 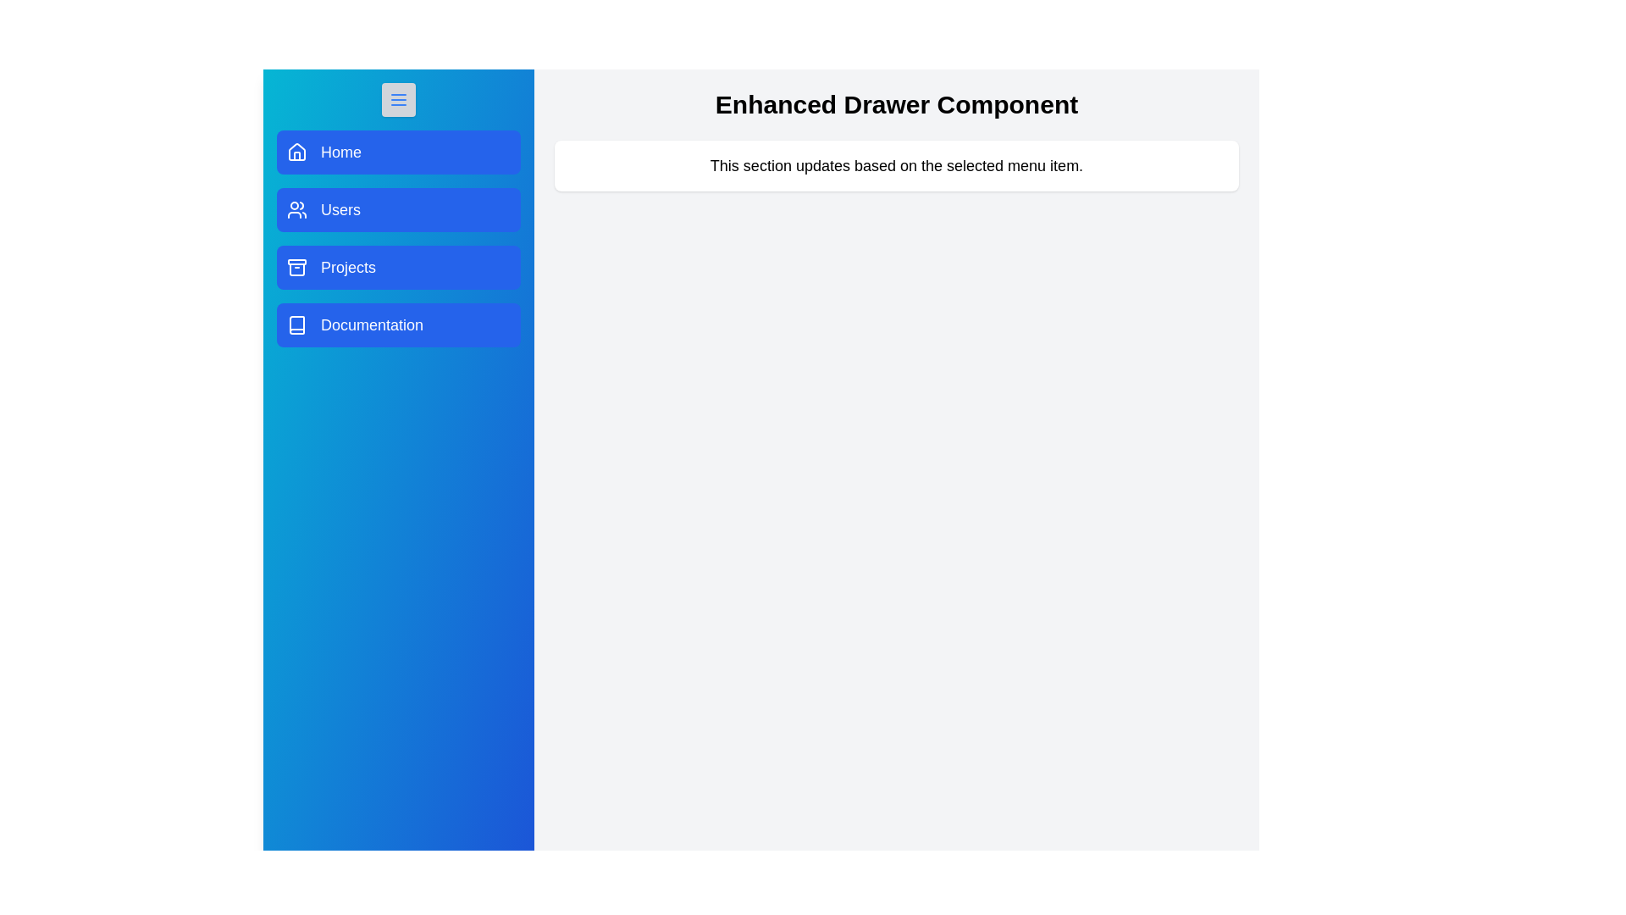 I want to click on the menu item labeled Users to select it, so click(x=397, y=208).